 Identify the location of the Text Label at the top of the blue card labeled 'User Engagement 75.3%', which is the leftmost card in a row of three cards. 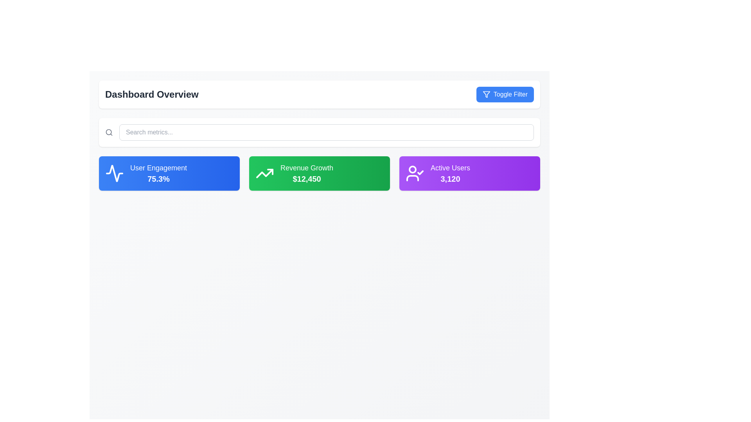
(158, 167).